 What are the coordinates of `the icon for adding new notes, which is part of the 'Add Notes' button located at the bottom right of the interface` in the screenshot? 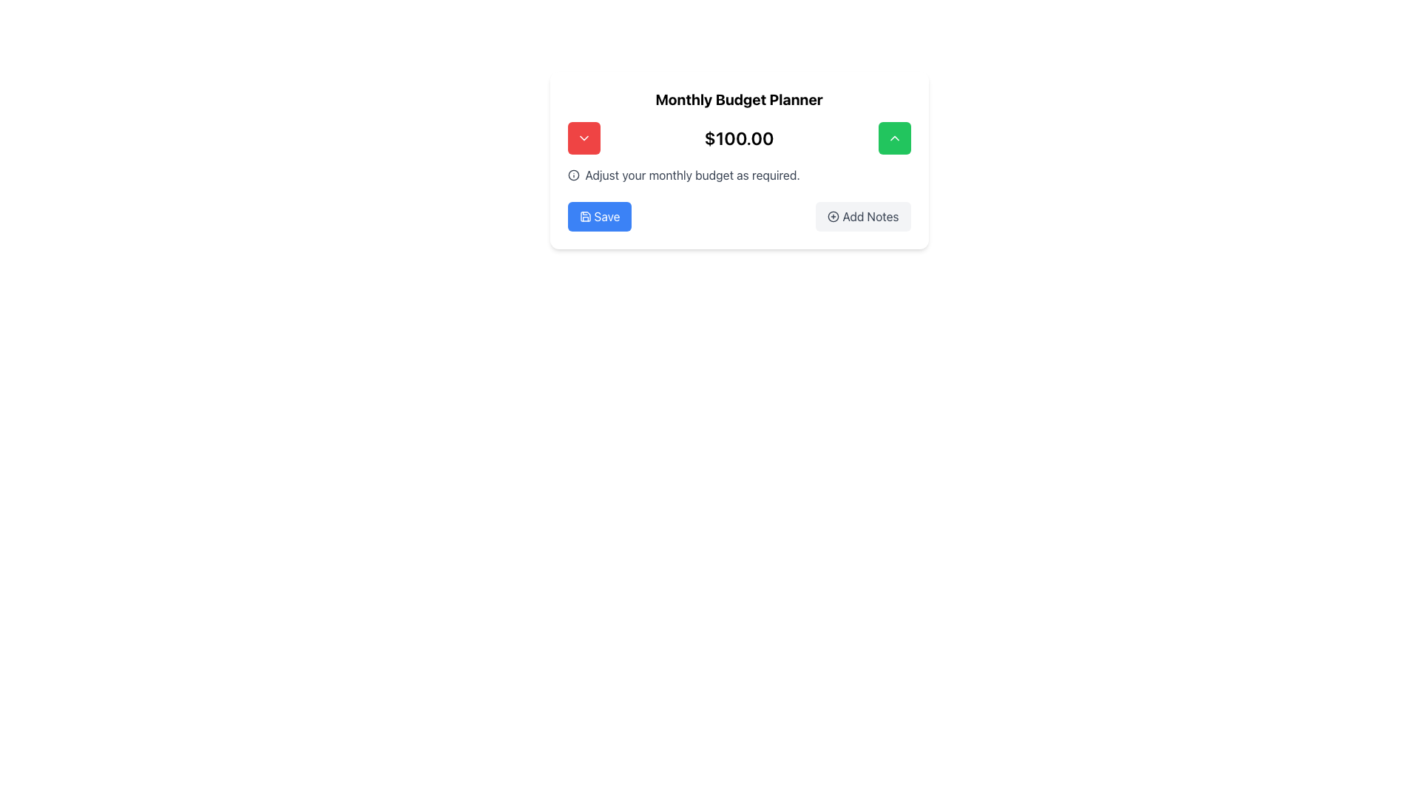 It's located at (834, 217).